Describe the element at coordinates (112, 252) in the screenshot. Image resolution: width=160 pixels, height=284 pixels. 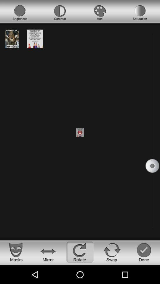
I see `the refresh icon` at that location.